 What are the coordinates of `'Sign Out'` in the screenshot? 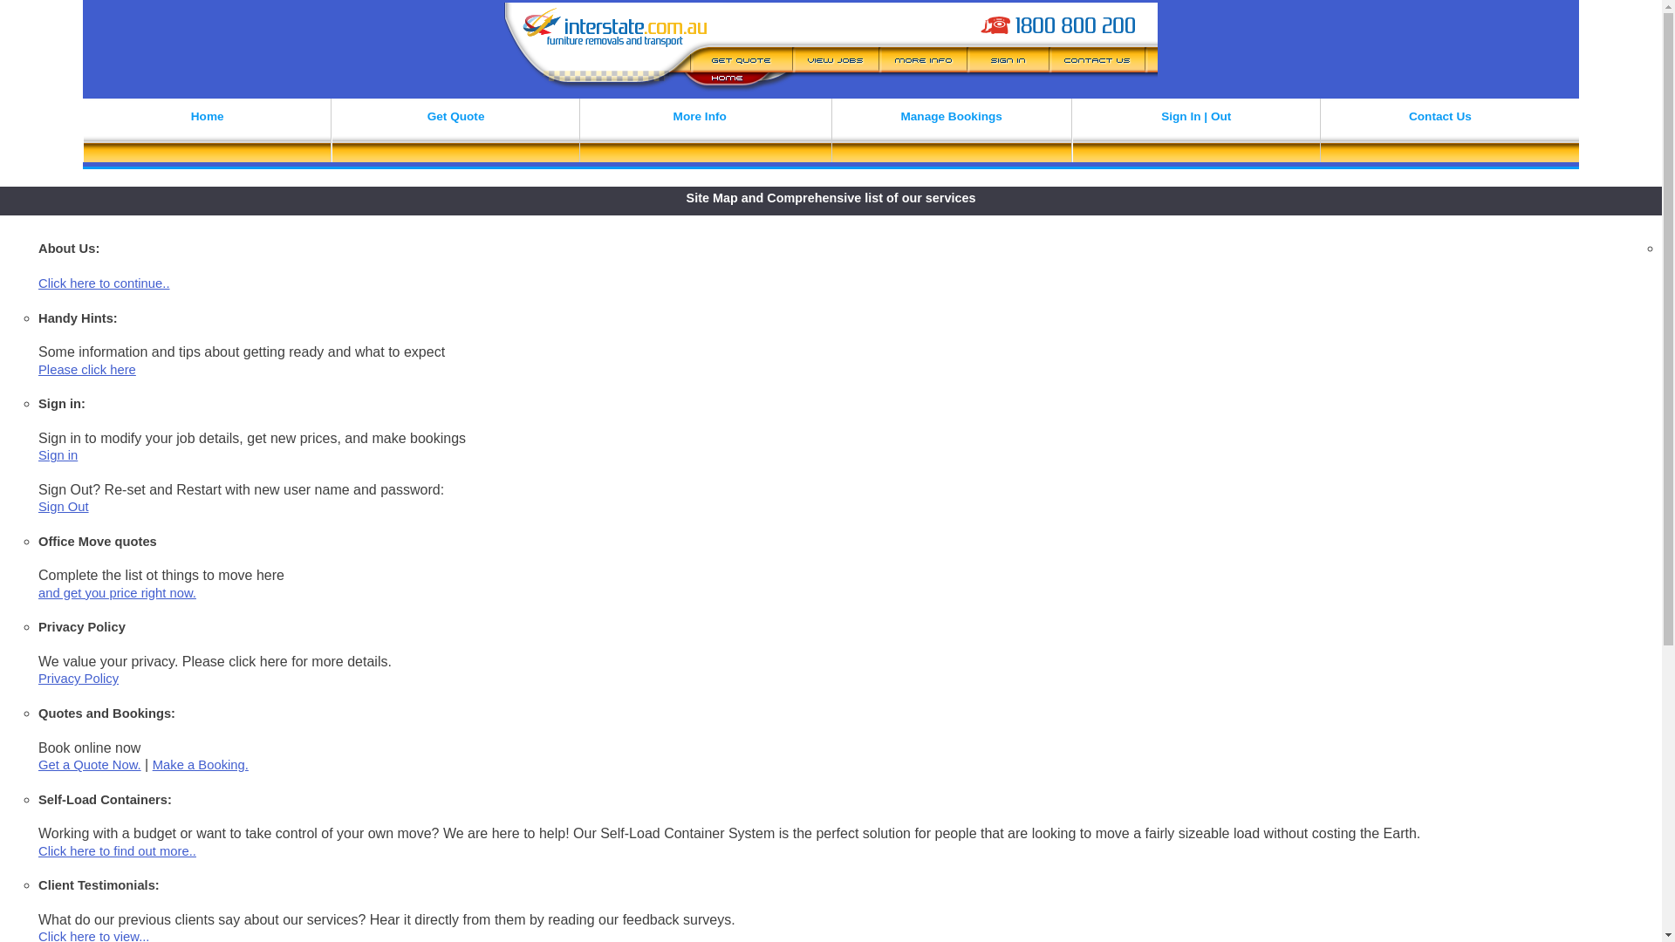 It's located at (63, 507).